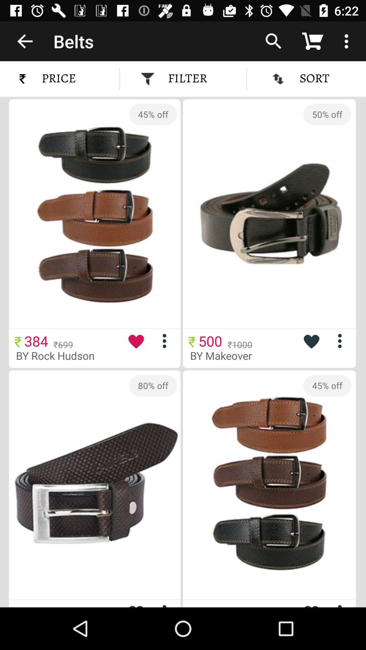  What do you see at coordinates (342, 341) in the screenshot?
I see `see more` at bounding box center [342, 341].